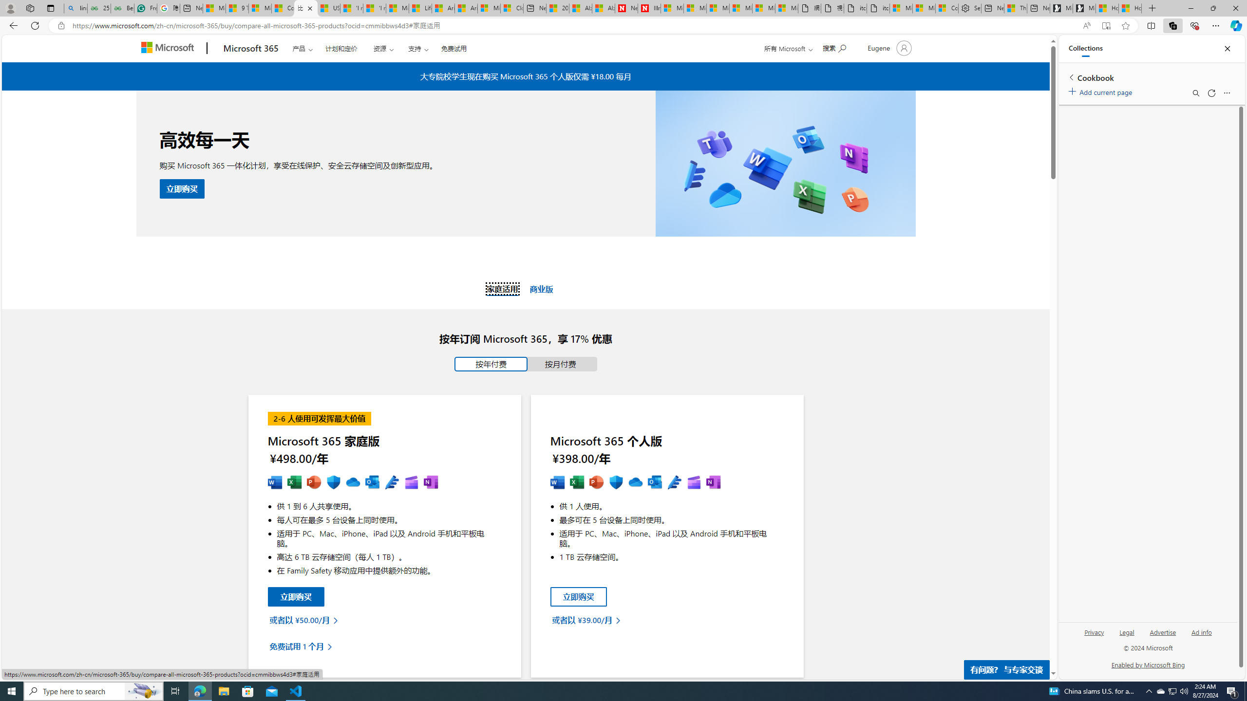 The width and height of the screenshot is (1247, 701). Describe the element at coordinates (421, 8) in the screenshot. I see `'Lifestyle - MSN'` at that location.